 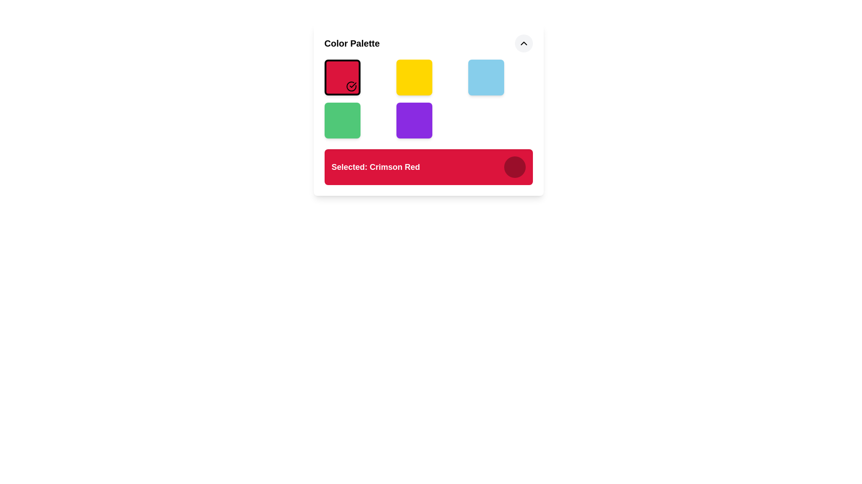 I want to click on the clickable color selection option with a cyan background located in the top row, third item of the color palette interface to enhance its size effect, so click(x=485, y=77).